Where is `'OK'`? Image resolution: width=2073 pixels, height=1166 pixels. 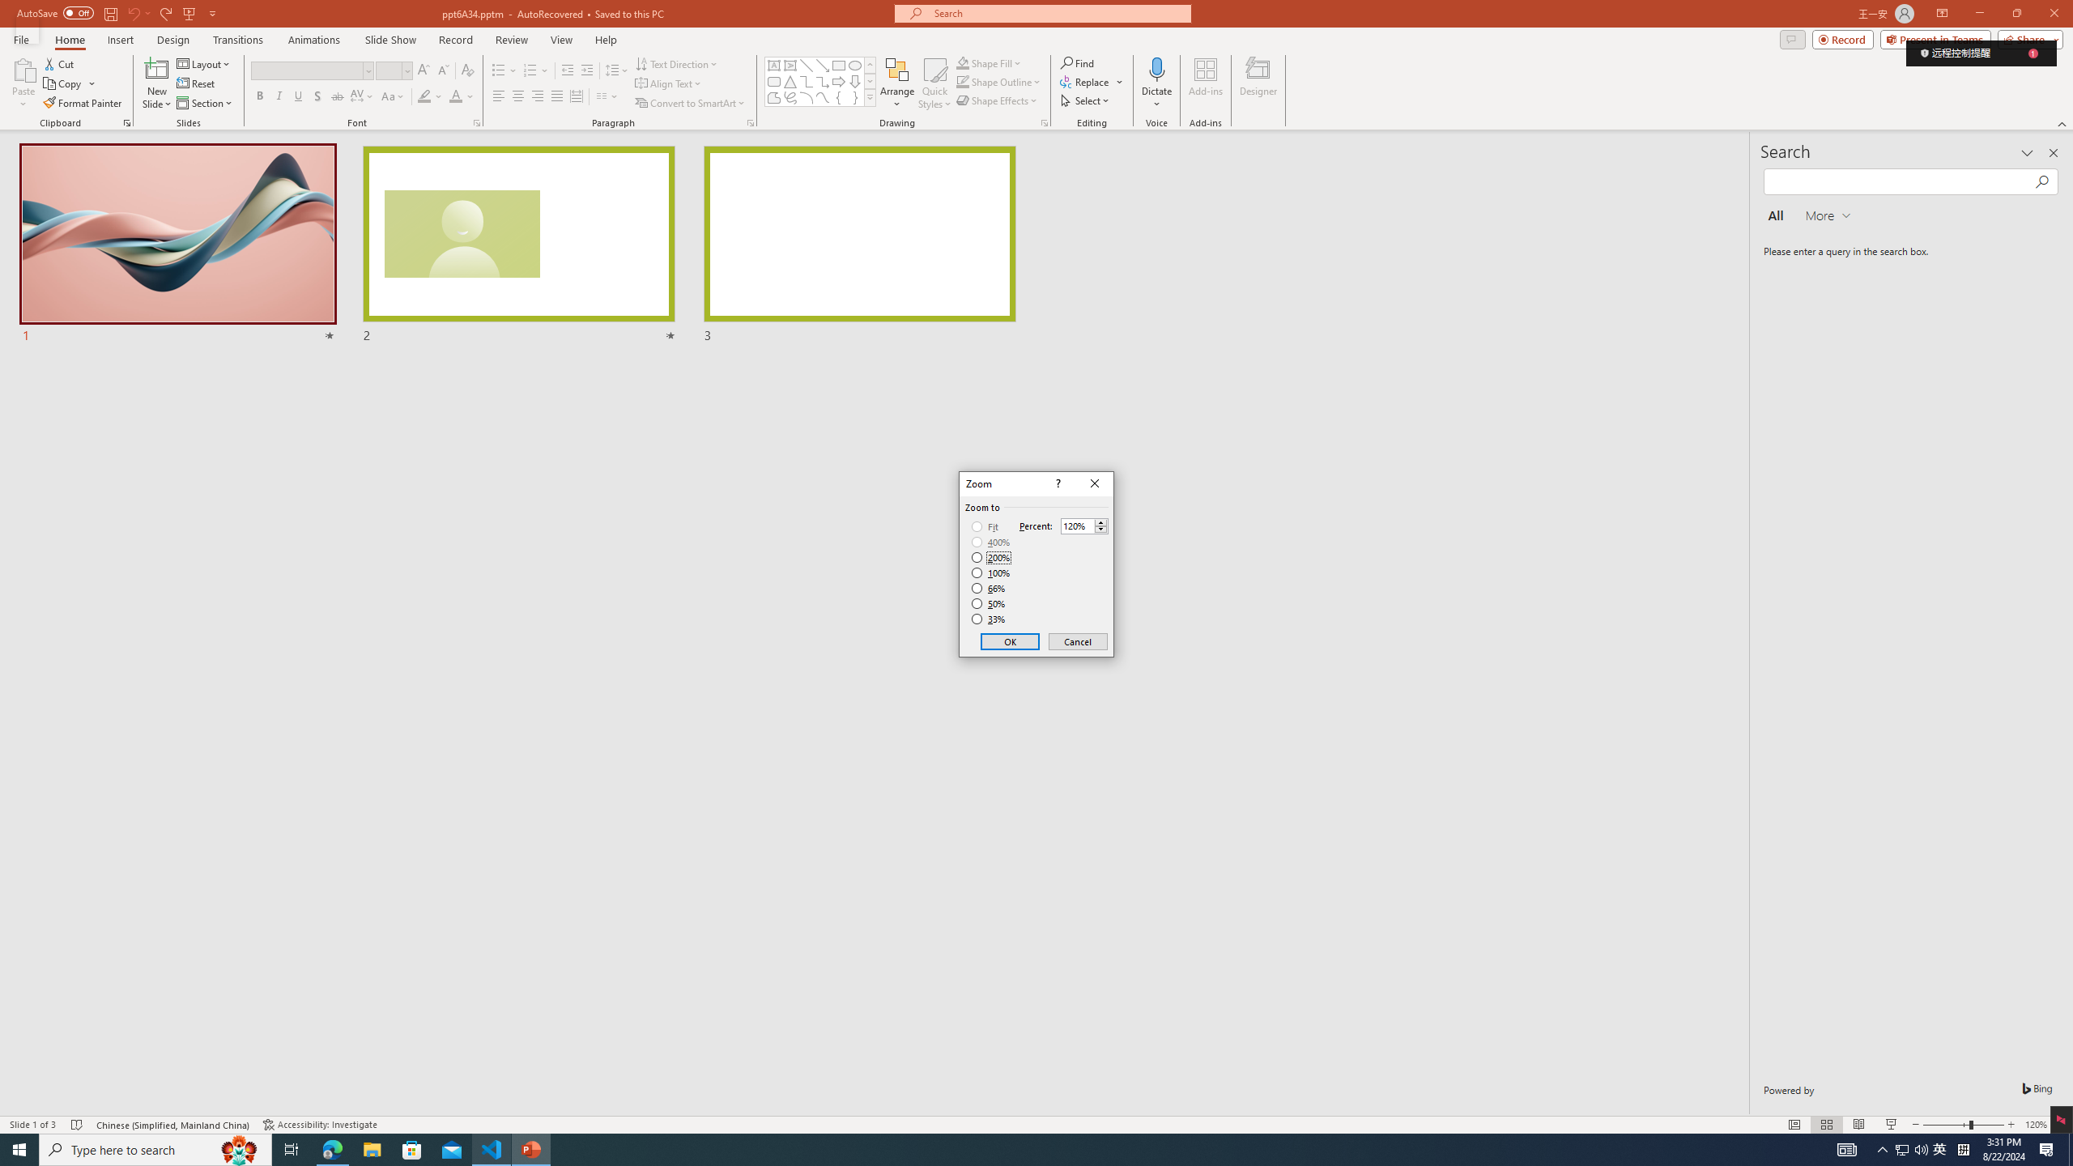
'OK' is located at coordinates (1010, 641).